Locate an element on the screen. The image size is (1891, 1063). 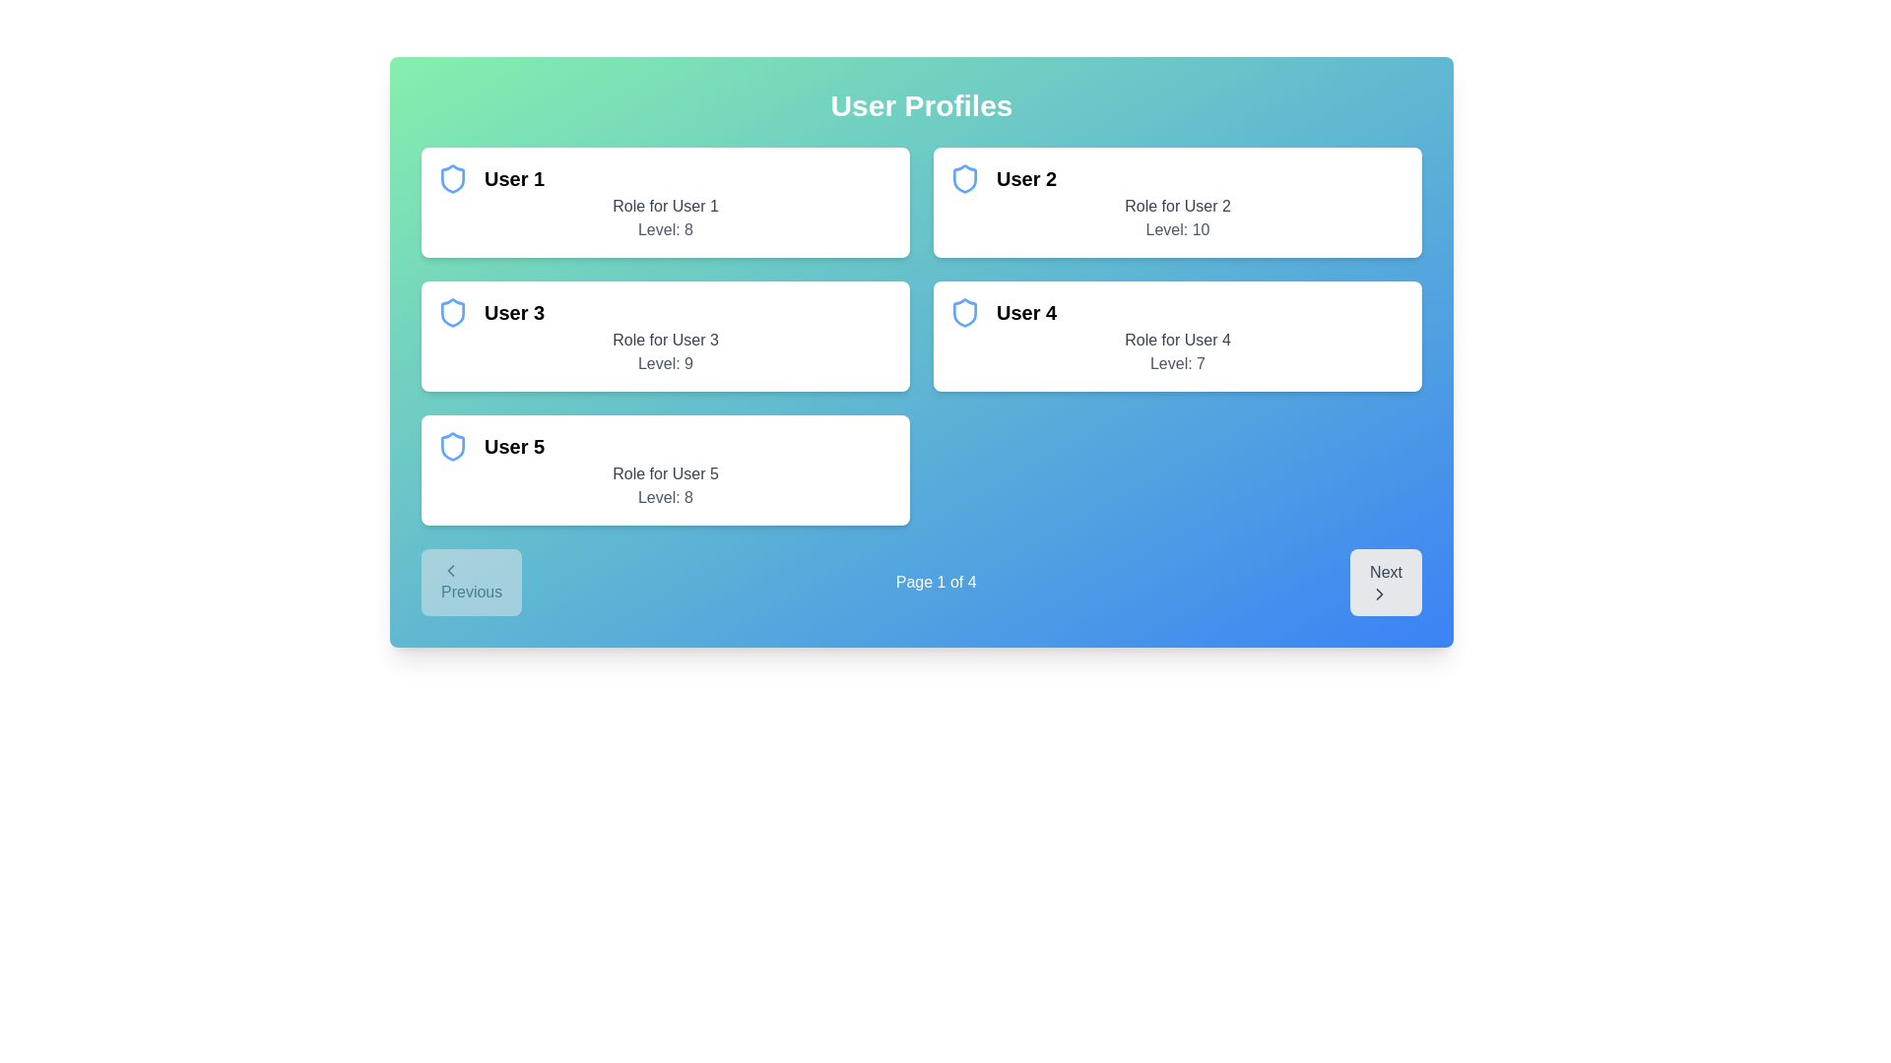
the text label identifying 'User 3' in the grid layout of user profiles, located in the second row, first column of the user cards is located at coordinates (514, 311).